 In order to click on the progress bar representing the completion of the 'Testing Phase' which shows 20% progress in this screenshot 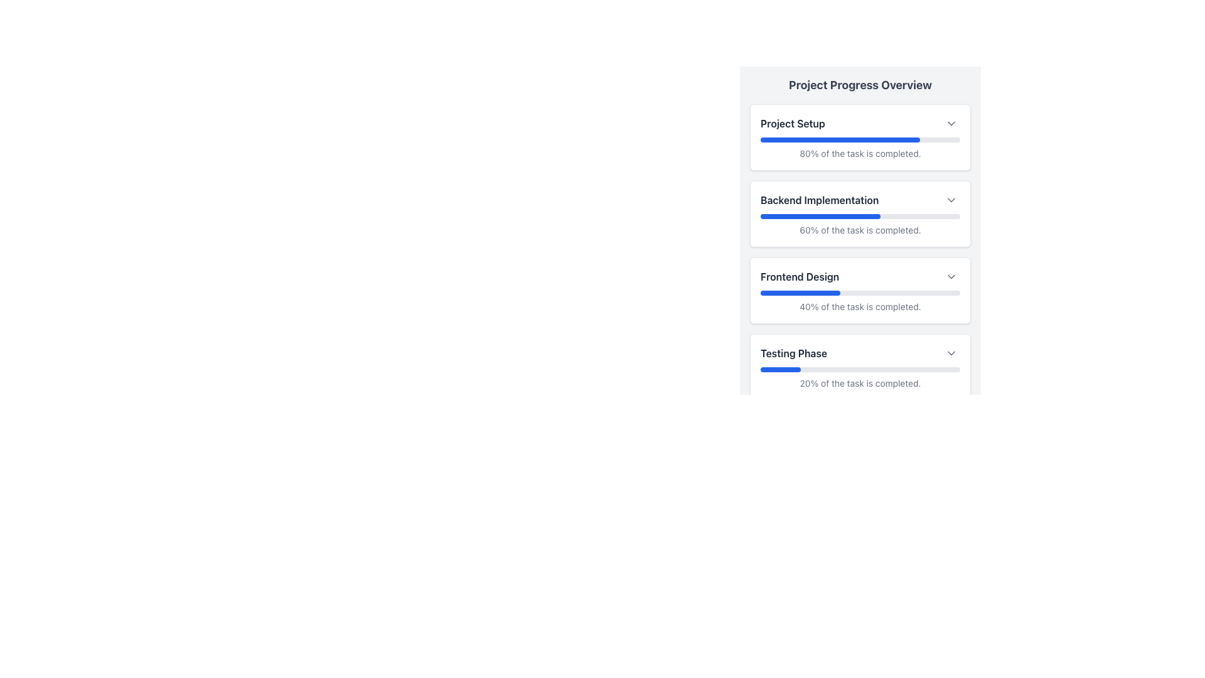, I will do `click(860, 369)`.